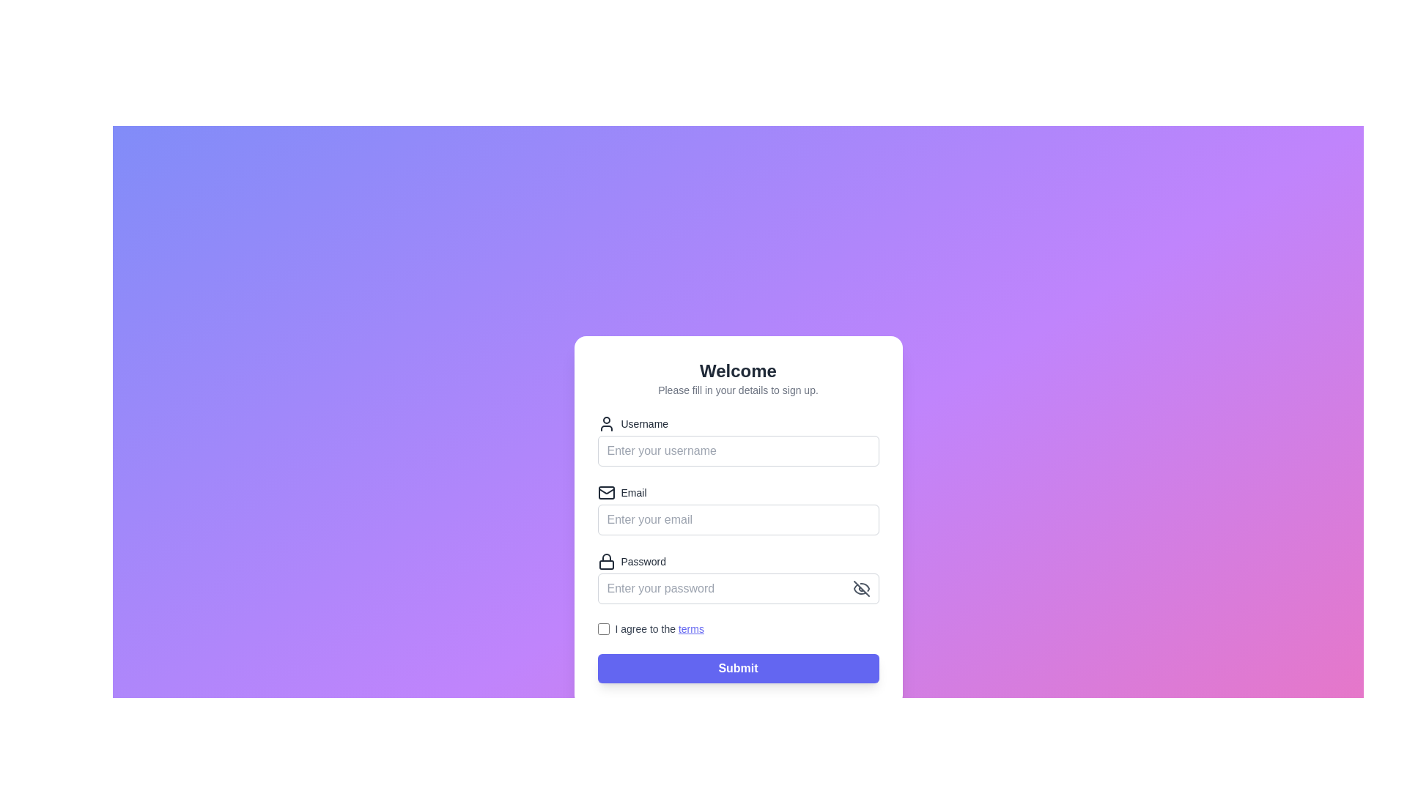  I want to click on the introductory text element that serves as a heading and instructional guide for the sign-up form, which is located at the top of the white card interface, so click(738, 377).